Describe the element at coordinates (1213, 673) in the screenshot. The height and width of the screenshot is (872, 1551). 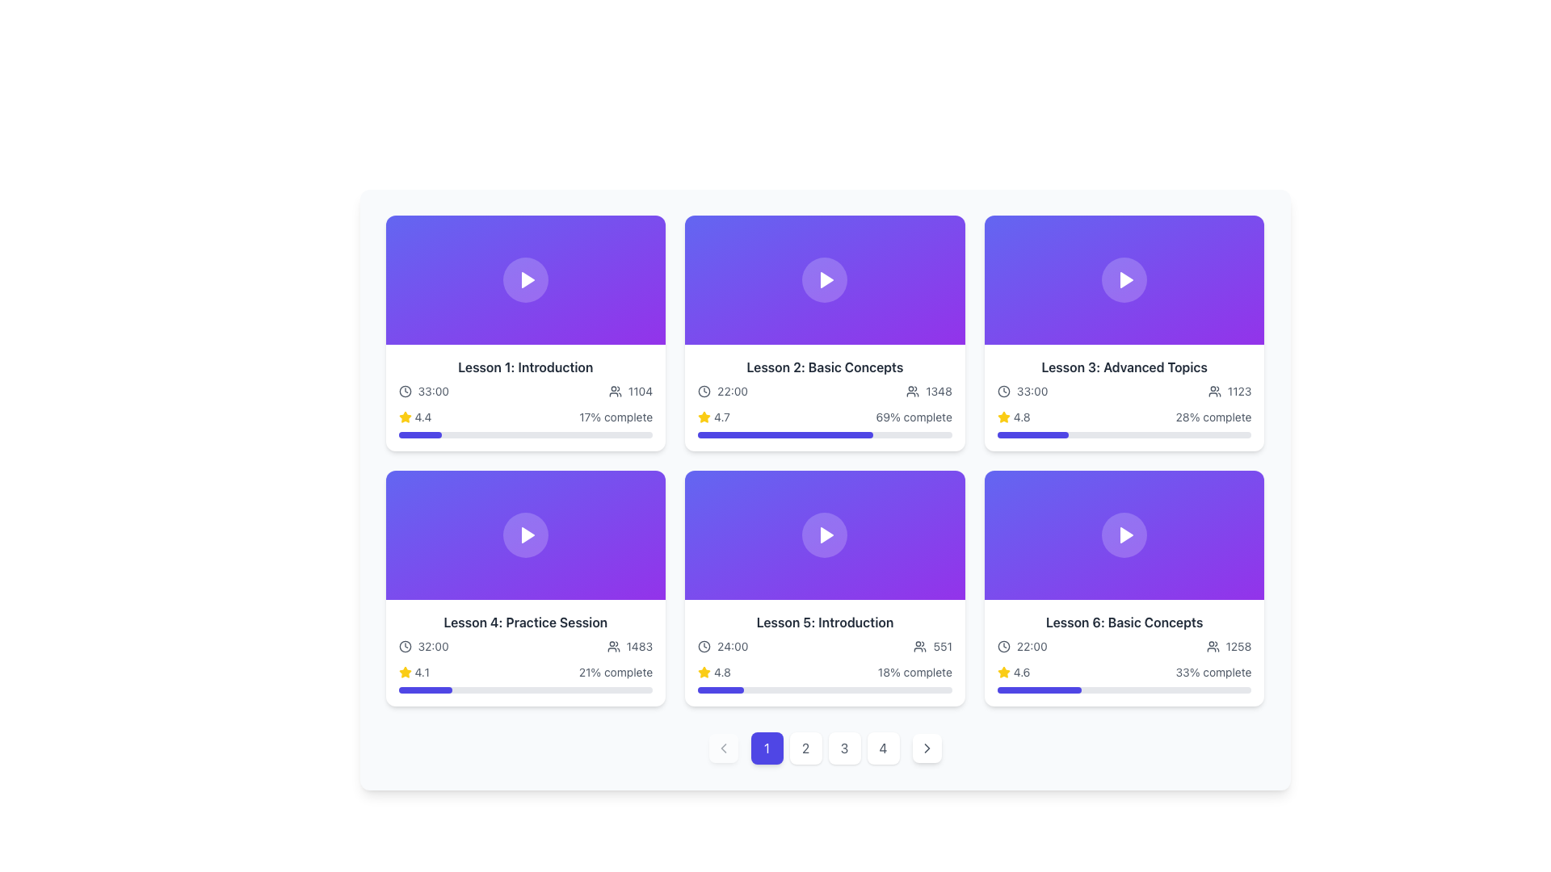
I see `the text label displaying '33% complete' in a medium gray shade, located within the sixth item of a grid layout, beneath the numerical rating and a progress bar` at that location.